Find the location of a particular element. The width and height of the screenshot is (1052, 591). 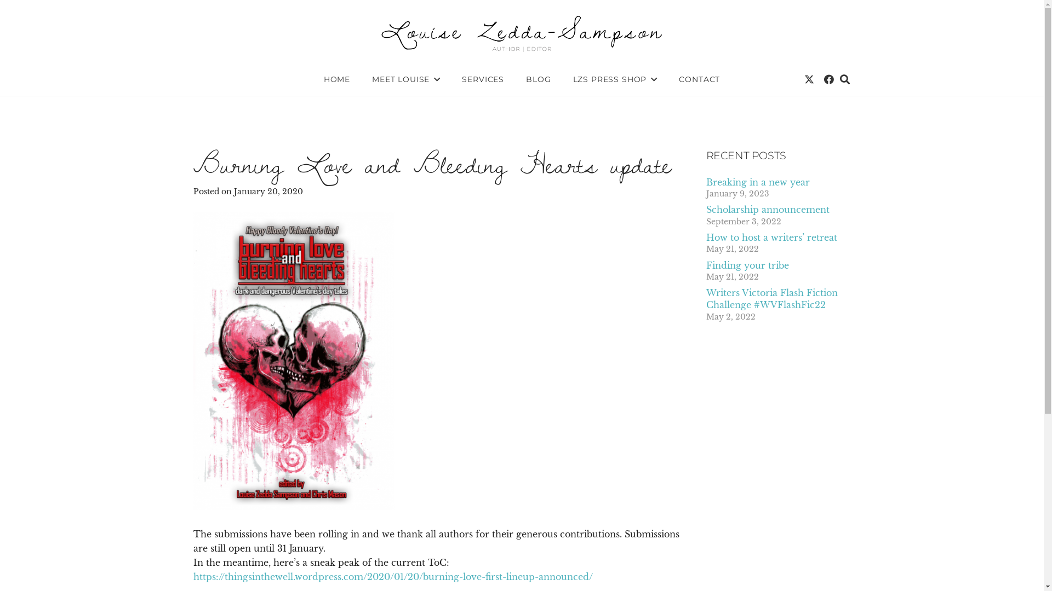

'SERVICES' is located at coordinates (450, 79).